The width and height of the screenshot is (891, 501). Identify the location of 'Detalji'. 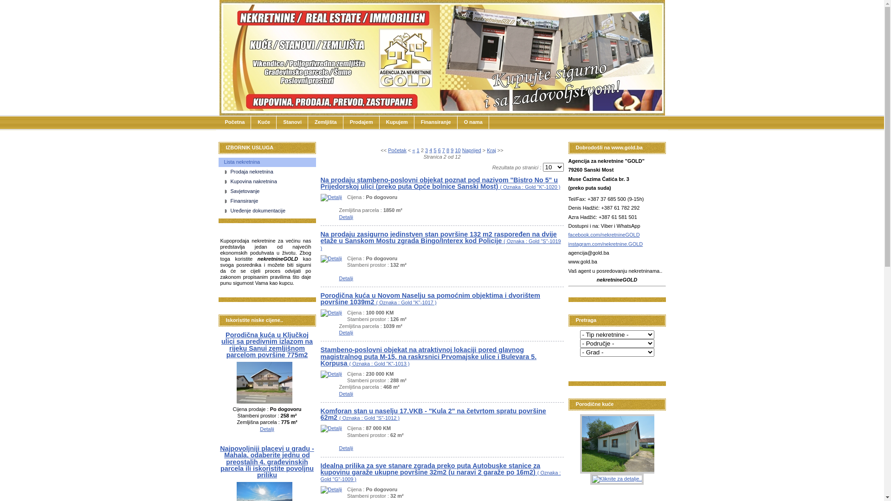
(331, 489).